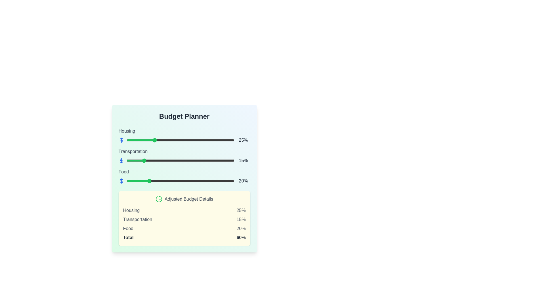  What do you see at coordinates (137, 219) in the screenshot?
I see `the static text label for the budget category 'Transportation', which displays the percentage '15%' and is located in the beige section under 'Adjusted Budget Details'` at bounding box center [137, 219].